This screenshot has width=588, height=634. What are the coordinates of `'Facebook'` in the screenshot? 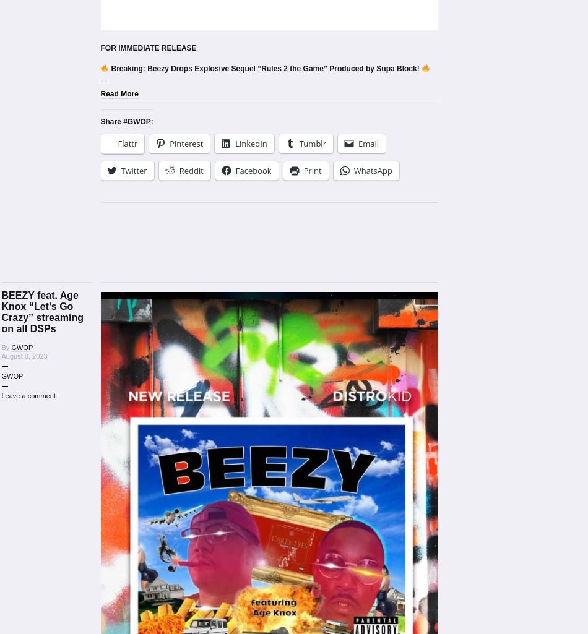 It's located at (252, 169).